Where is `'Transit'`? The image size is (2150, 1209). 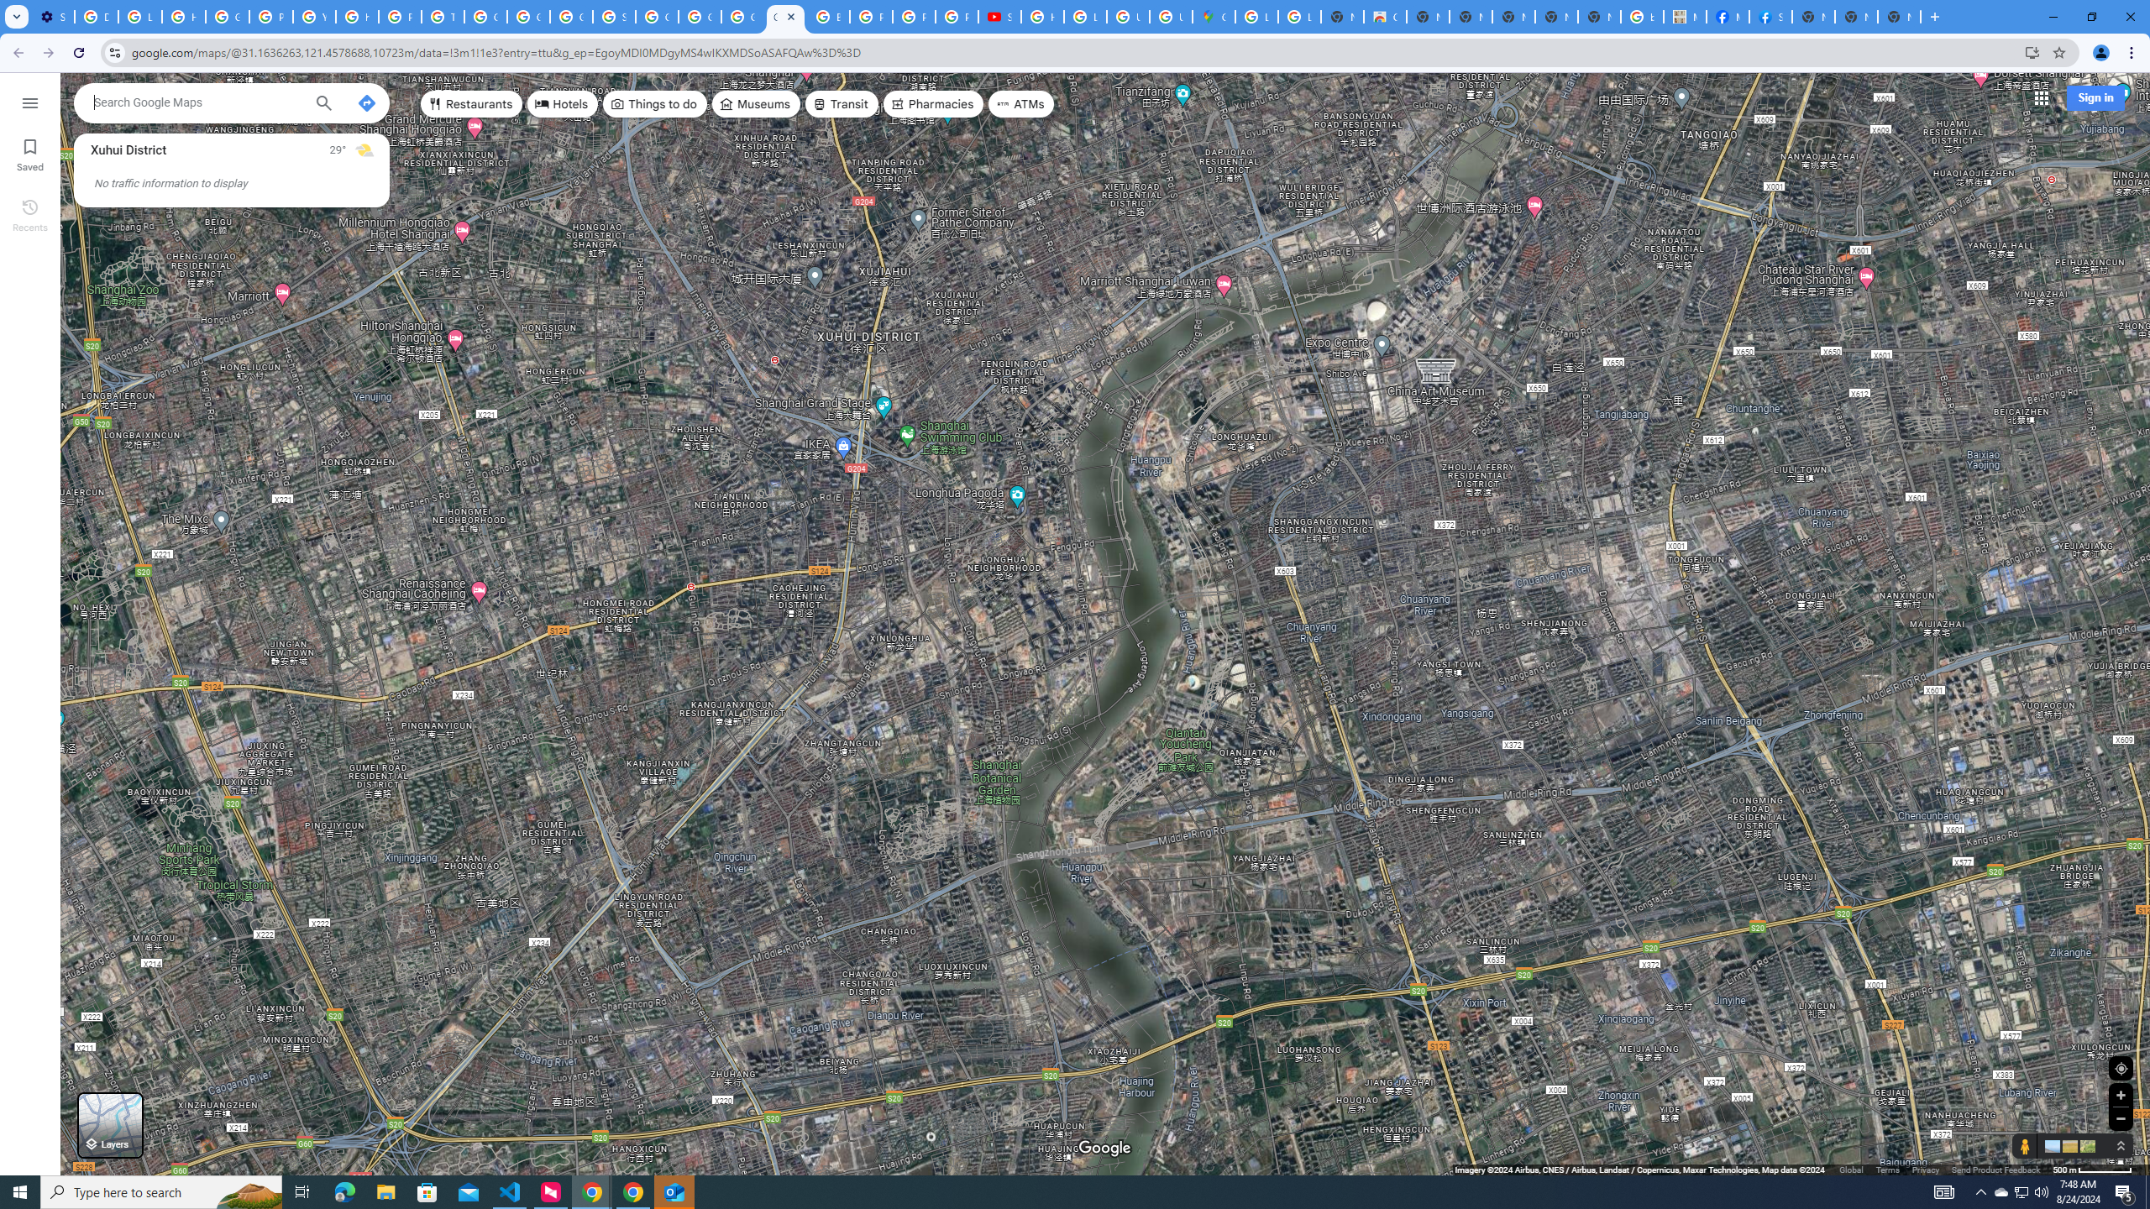 'Transit' is located at coordinates (842, 102).